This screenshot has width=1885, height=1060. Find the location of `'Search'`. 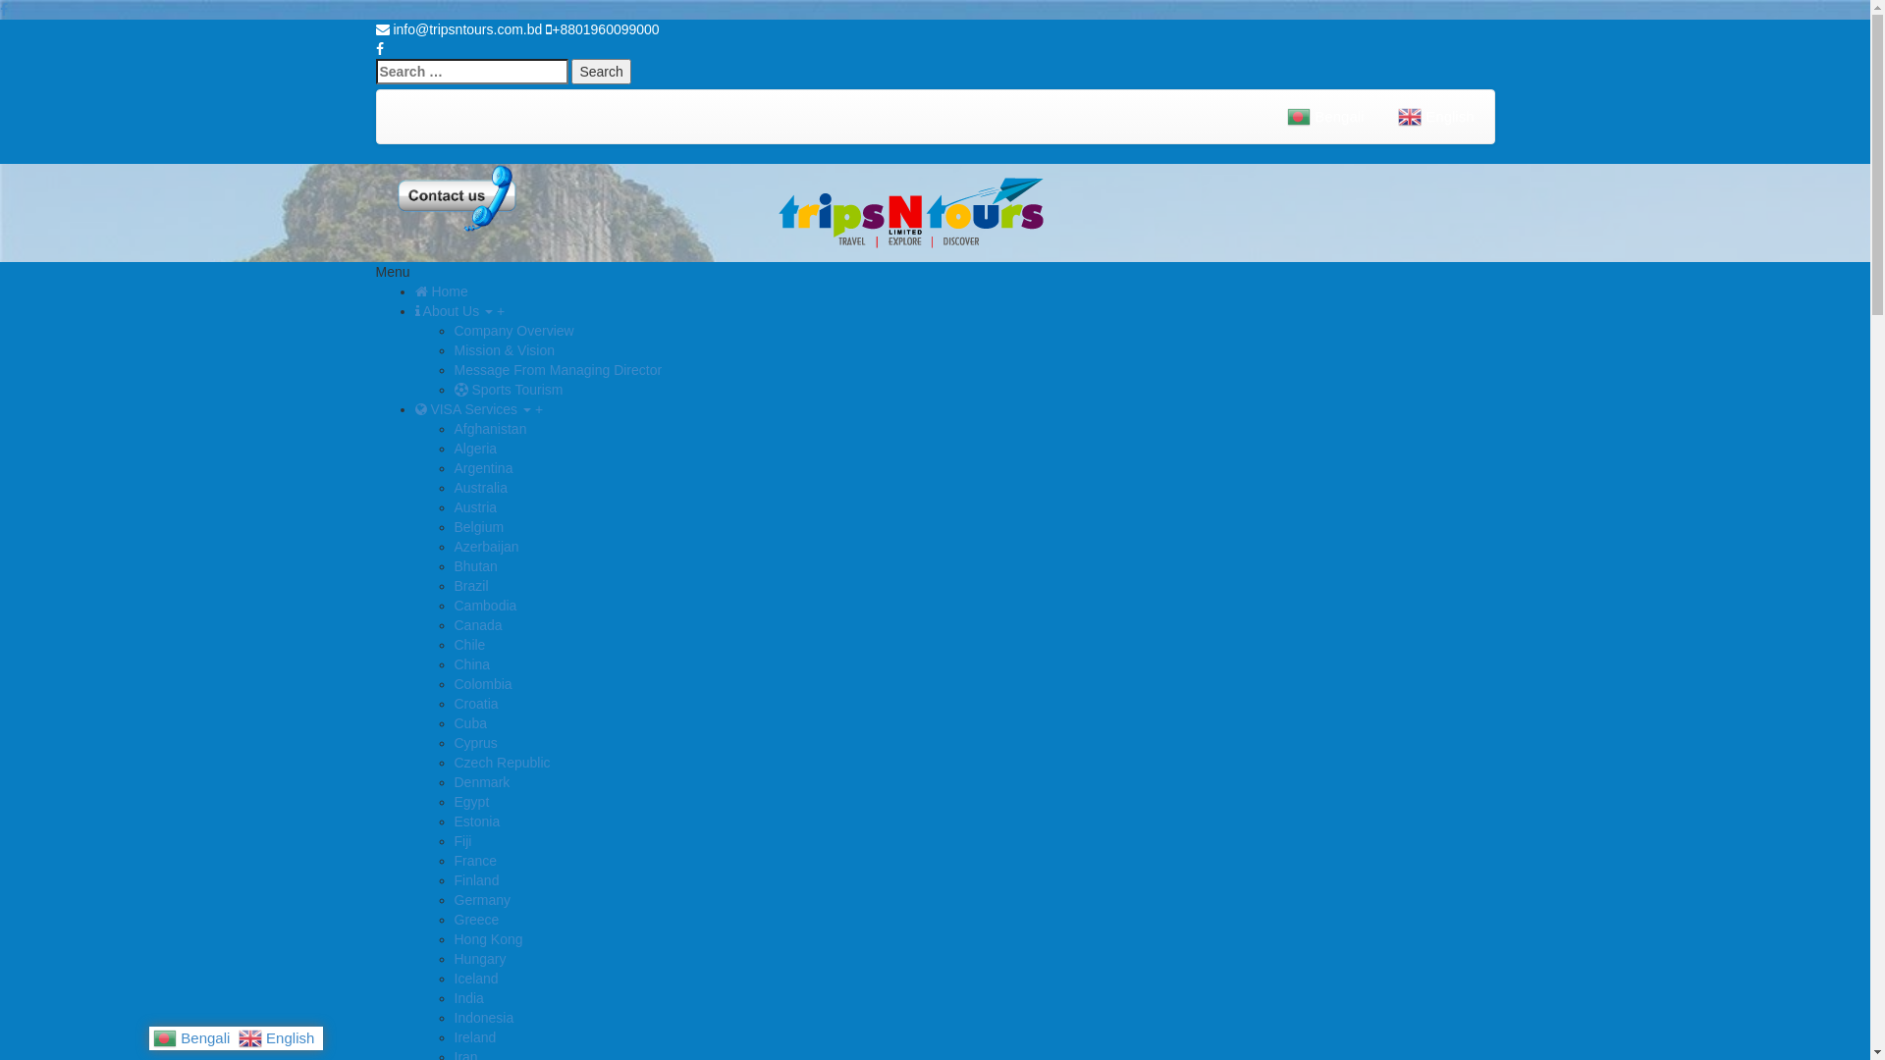

'Search' is located at coordinates (569, 71).